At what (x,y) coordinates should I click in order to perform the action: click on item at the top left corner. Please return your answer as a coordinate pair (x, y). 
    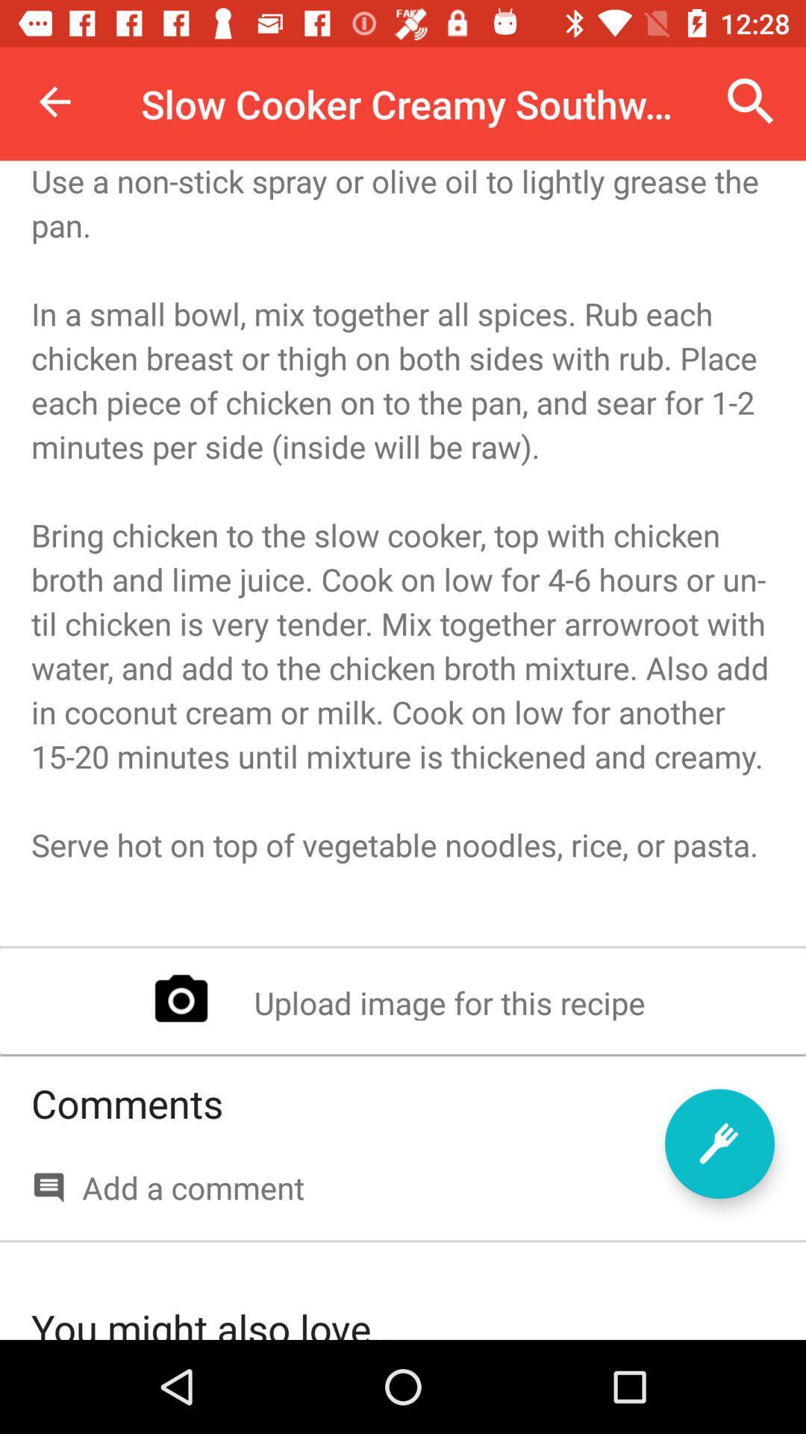
    Looking at the image, I should click on (54, 101).